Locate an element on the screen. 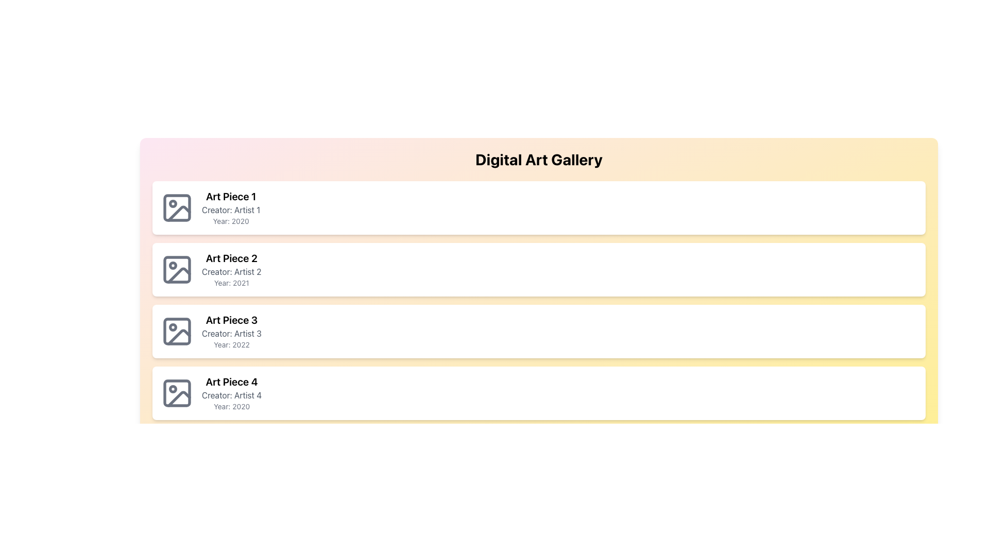  details provided in the descriptive label for the art piece located in the second card of a vertically aligned list of four cards, positioned between 'Art Piece 1' and 'Art Piece 3' is located at coordinates (231, 269).